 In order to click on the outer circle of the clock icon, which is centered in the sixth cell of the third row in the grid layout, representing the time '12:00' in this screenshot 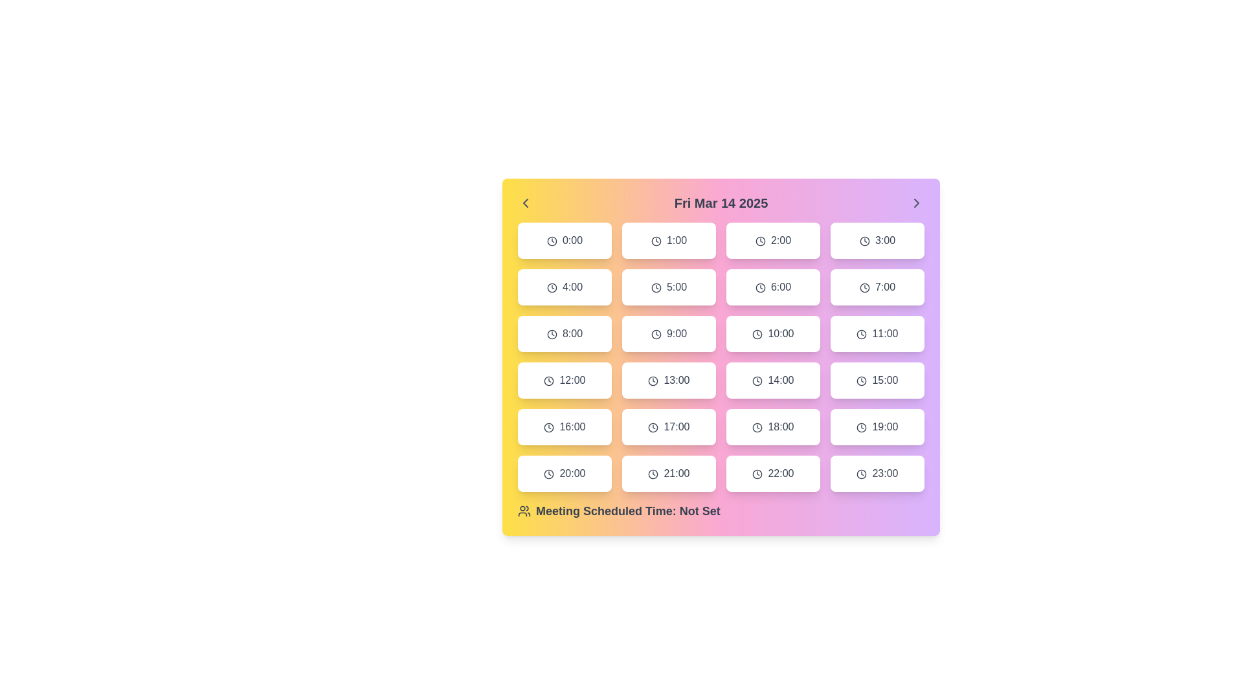, I will do `click(549, 380)`.